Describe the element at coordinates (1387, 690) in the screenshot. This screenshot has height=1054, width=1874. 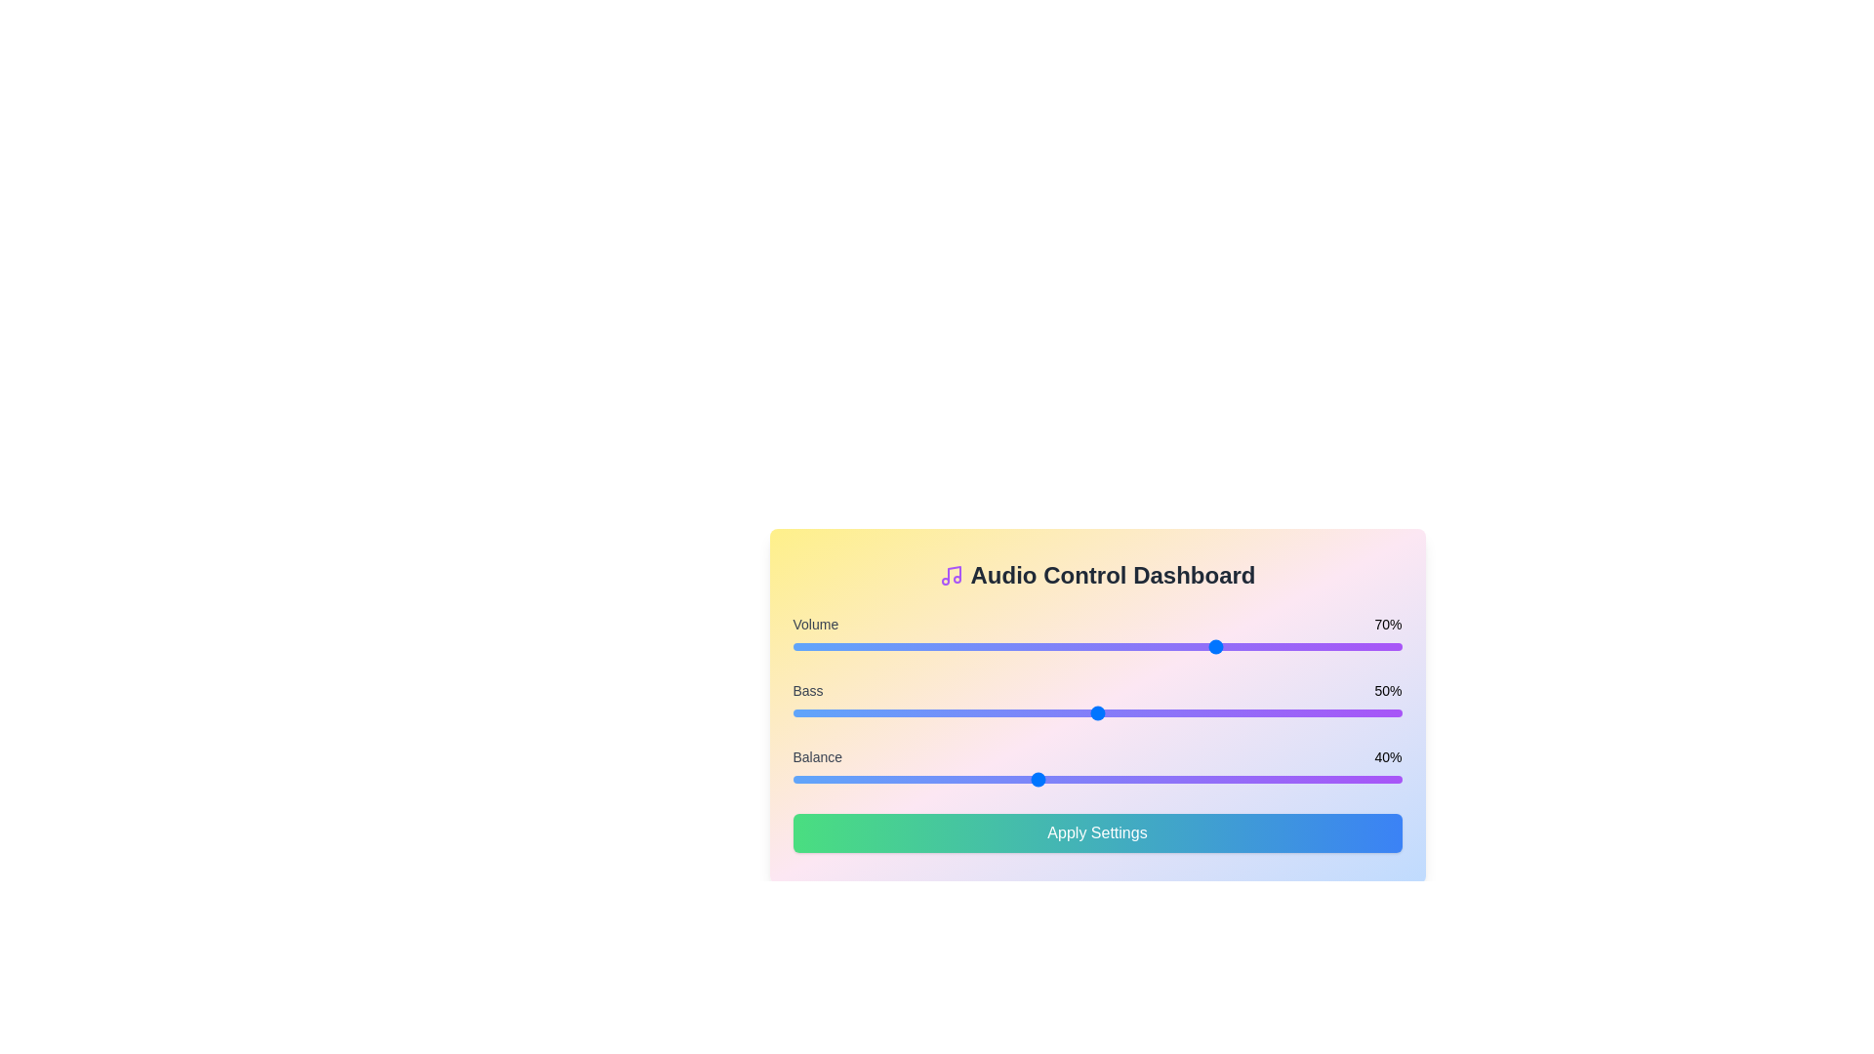
I see `the Static Text Label displaying '50%' associated with the Bass slider, positioned on the right side of the slider` at that location.